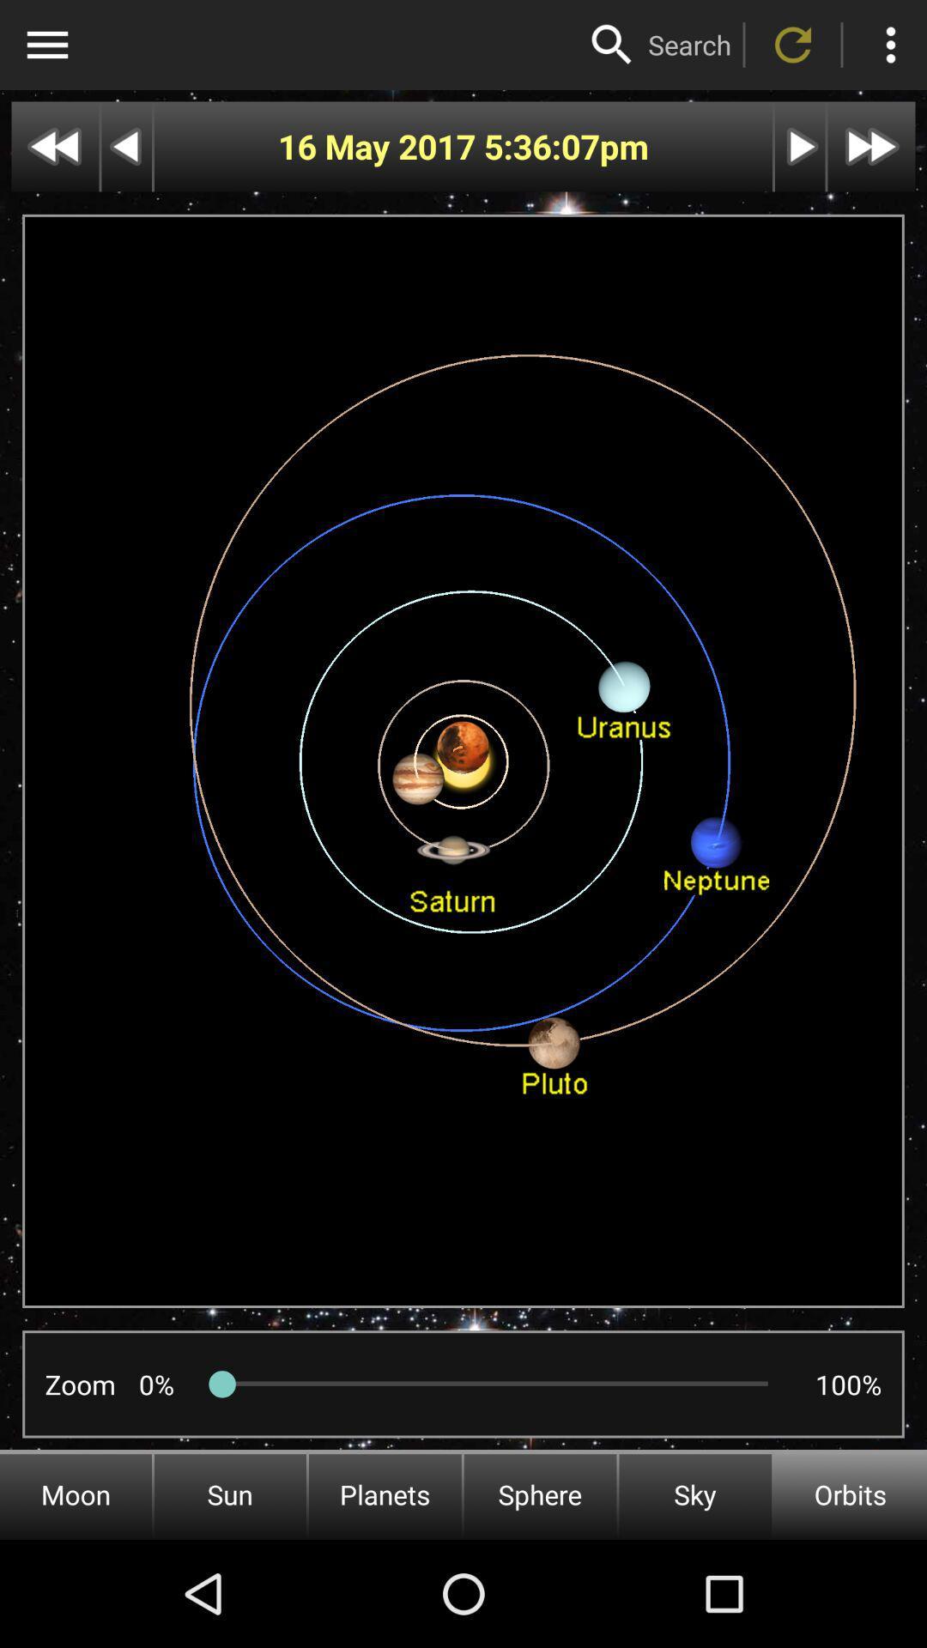 This screenshot has width=927, height=1648. What do you see at coordinates (800, 147) in the screenshot?
I see `go forward once` at bounding box center [800, 147].